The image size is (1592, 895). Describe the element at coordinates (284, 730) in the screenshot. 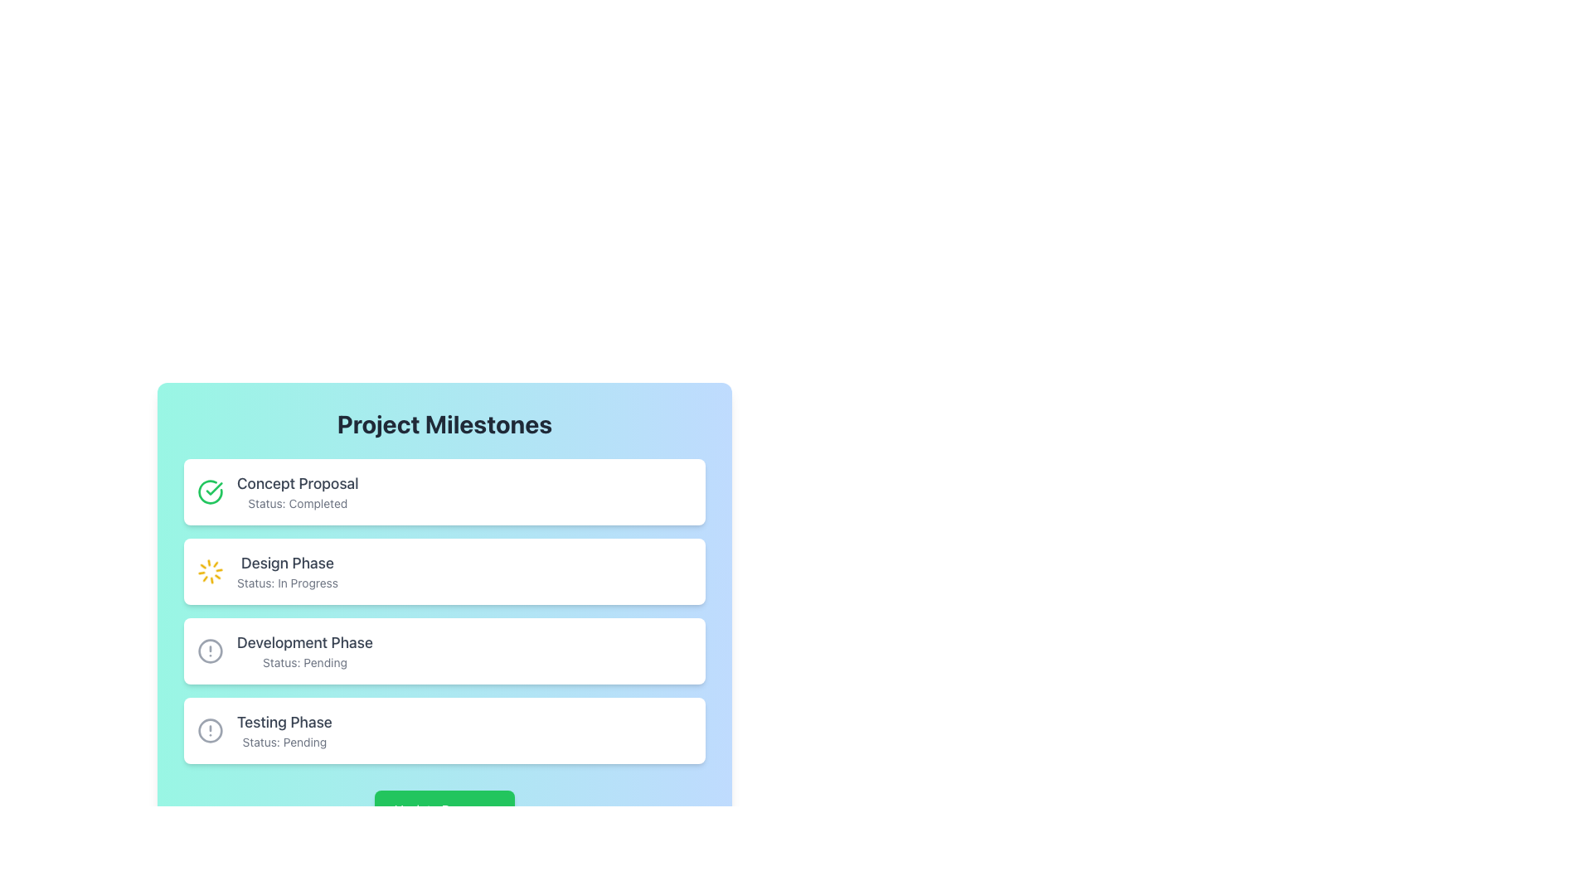

I see `the Text Display element indicating the 'Testing Phase' milestone, which shows its status as 'Pending'. This element is the fourth in a vertical list of project milestones, located below the 'Development Phase'` at that location.